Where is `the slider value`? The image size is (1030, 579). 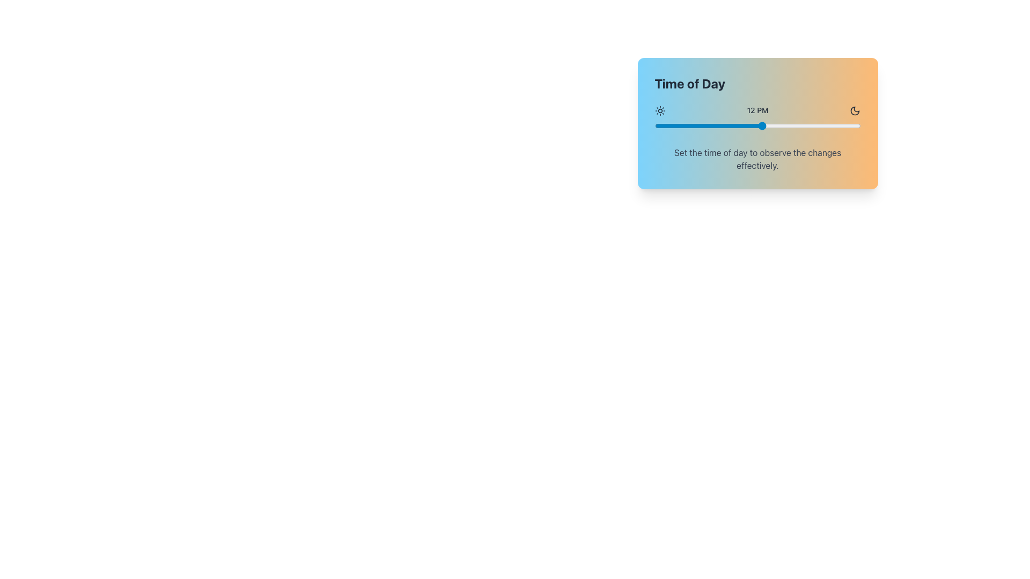
the slider value is located at coordinates (717, 125).